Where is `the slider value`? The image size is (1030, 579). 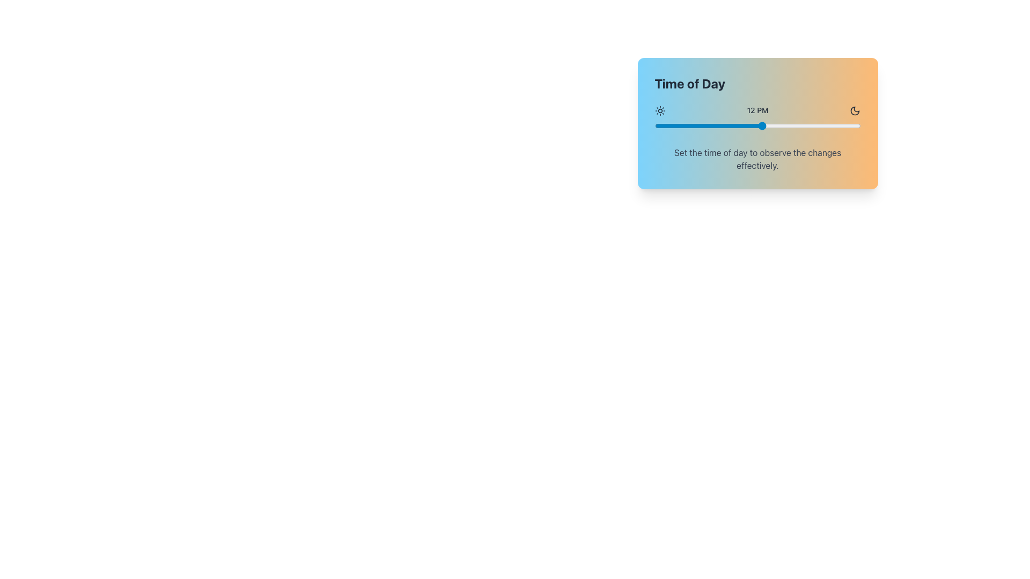
the slider value is located at coordinates (717, 125).